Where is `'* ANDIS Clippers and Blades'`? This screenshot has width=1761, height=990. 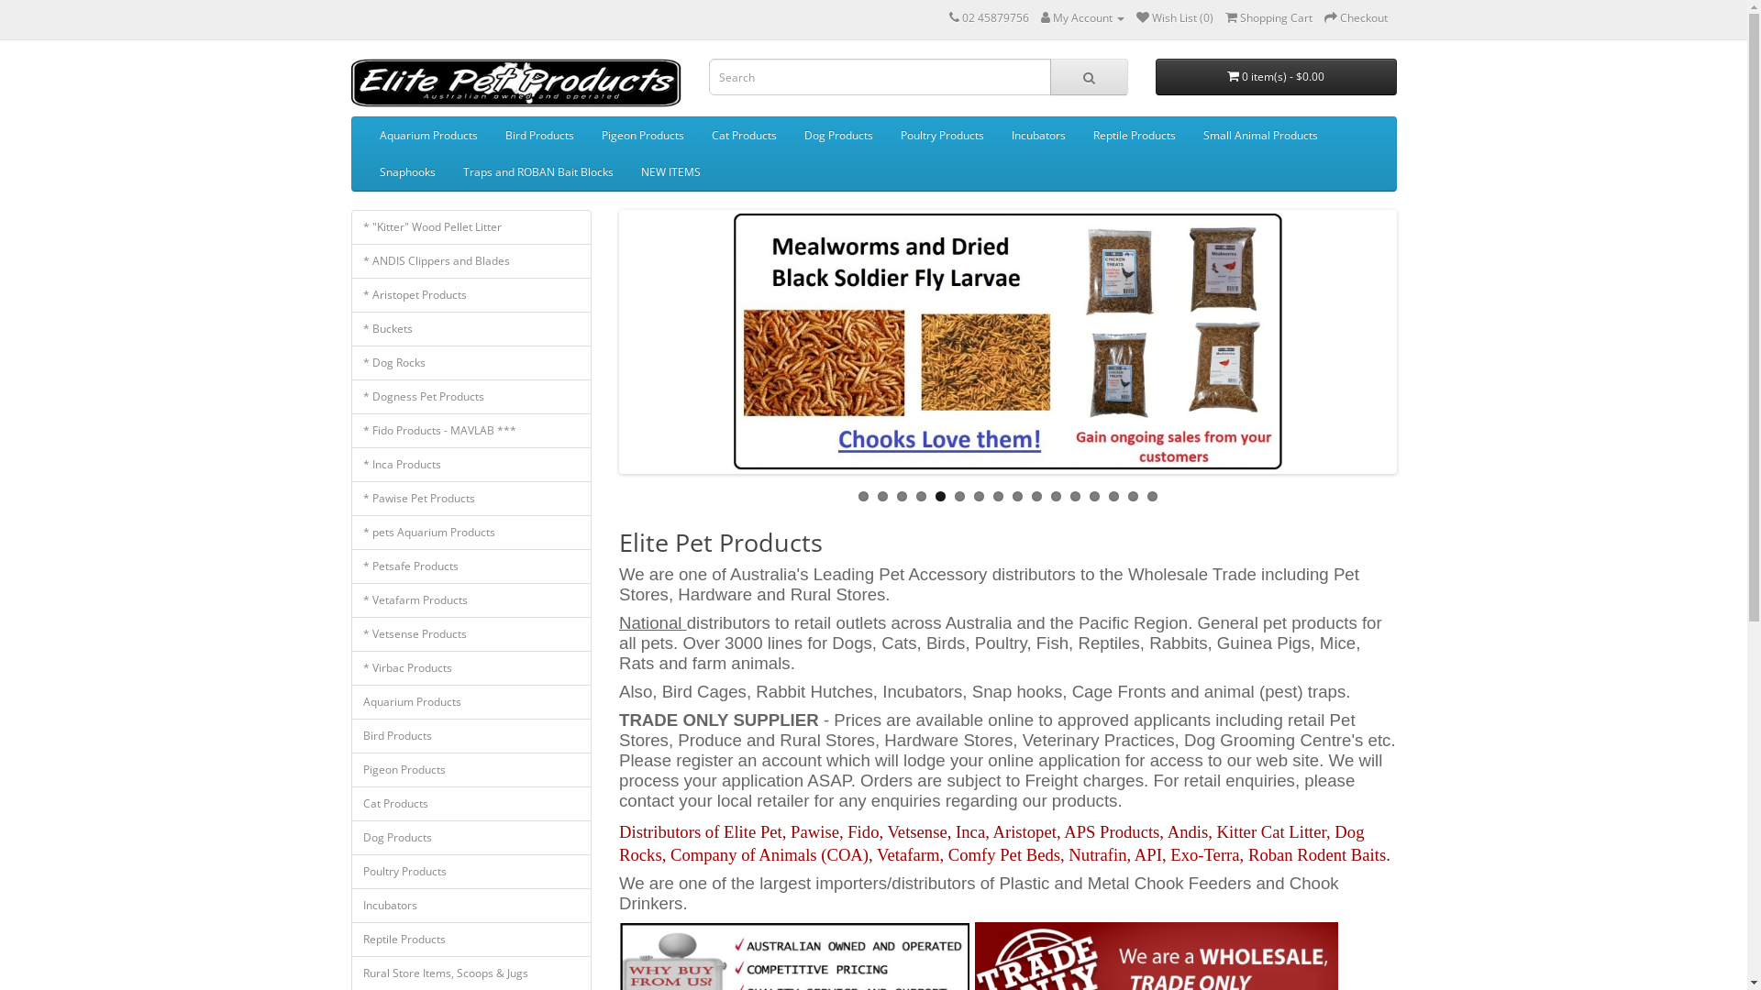
'* ANDIS Clippers and Blades' is located at coordinates (471, 261).